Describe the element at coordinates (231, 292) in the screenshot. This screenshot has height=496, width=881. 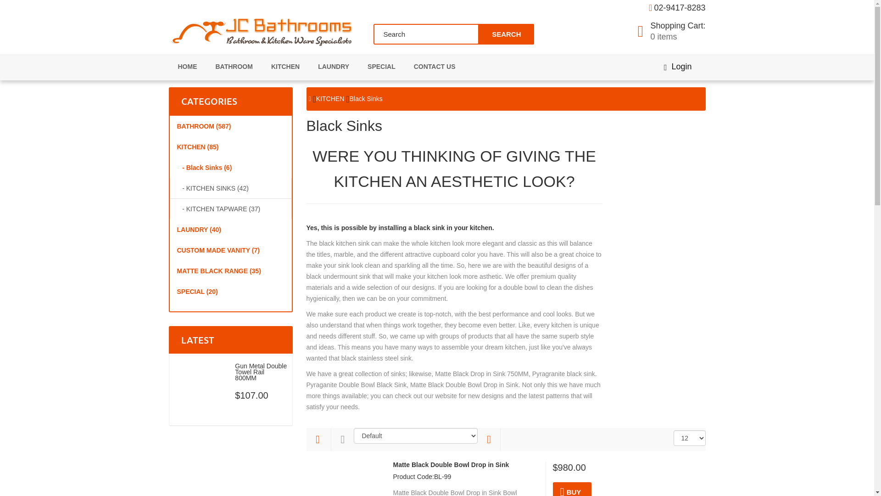
I see `'SPECIAL (20)'` at that location.